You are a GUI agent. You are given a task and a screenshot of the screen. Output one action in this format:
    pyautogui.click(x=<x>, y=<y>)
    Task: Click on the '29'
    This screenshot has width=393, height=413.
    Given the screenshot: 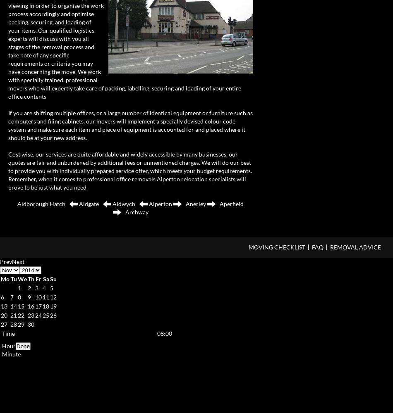 What is the action you would take?
    pyautogui.click(x=18, y=324)
    